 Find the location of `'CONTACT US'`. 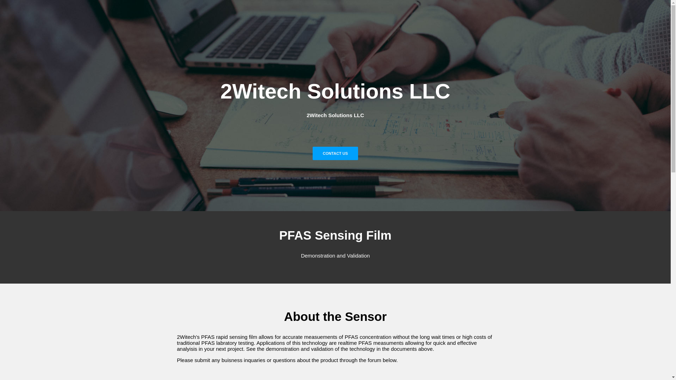

'CONTACT US' is located at coordinates (335, 153).